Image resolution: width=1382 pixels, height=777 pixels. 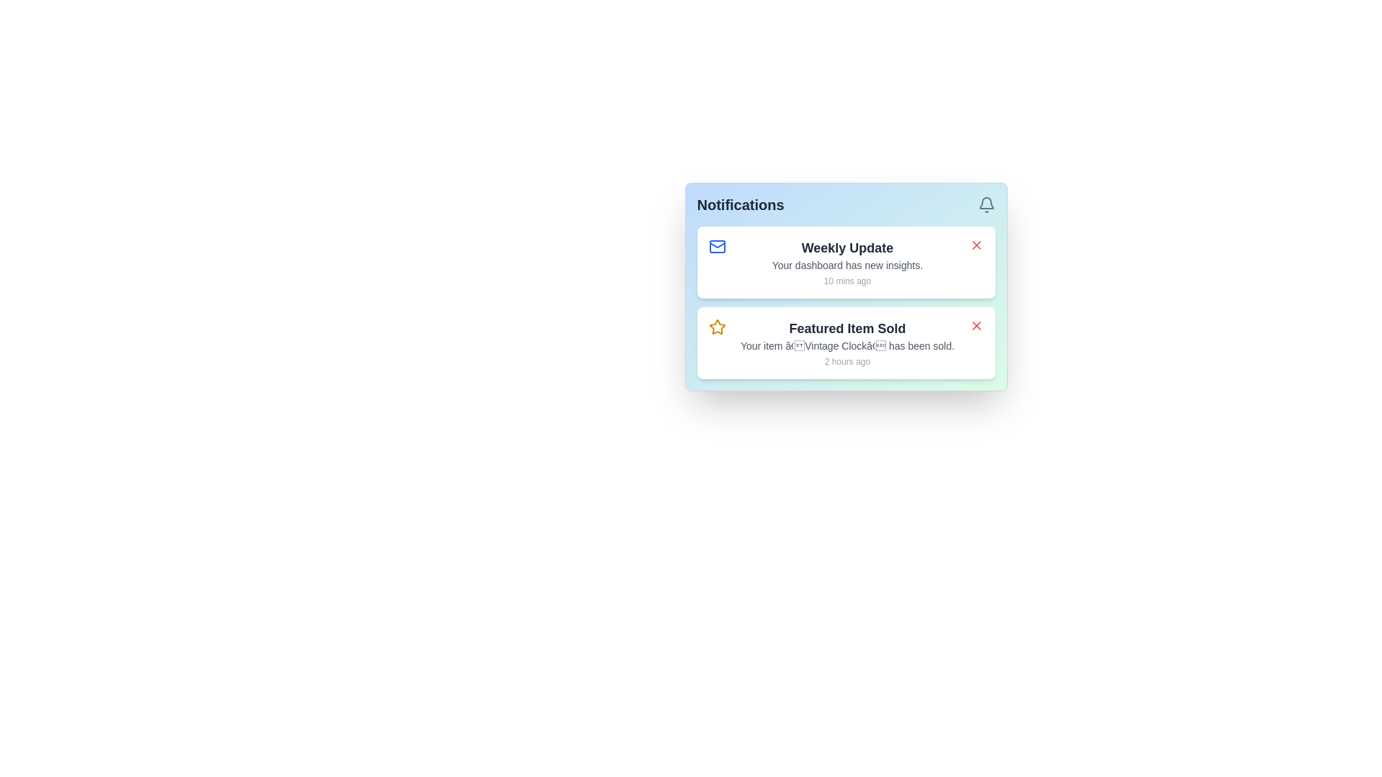 What do you see at coordinates (741, 205) in the screenshot?
I see `text label that serves as the title for the notification panel, located at the top-left corner of the notification card interface` at bounding box center [741, 205].